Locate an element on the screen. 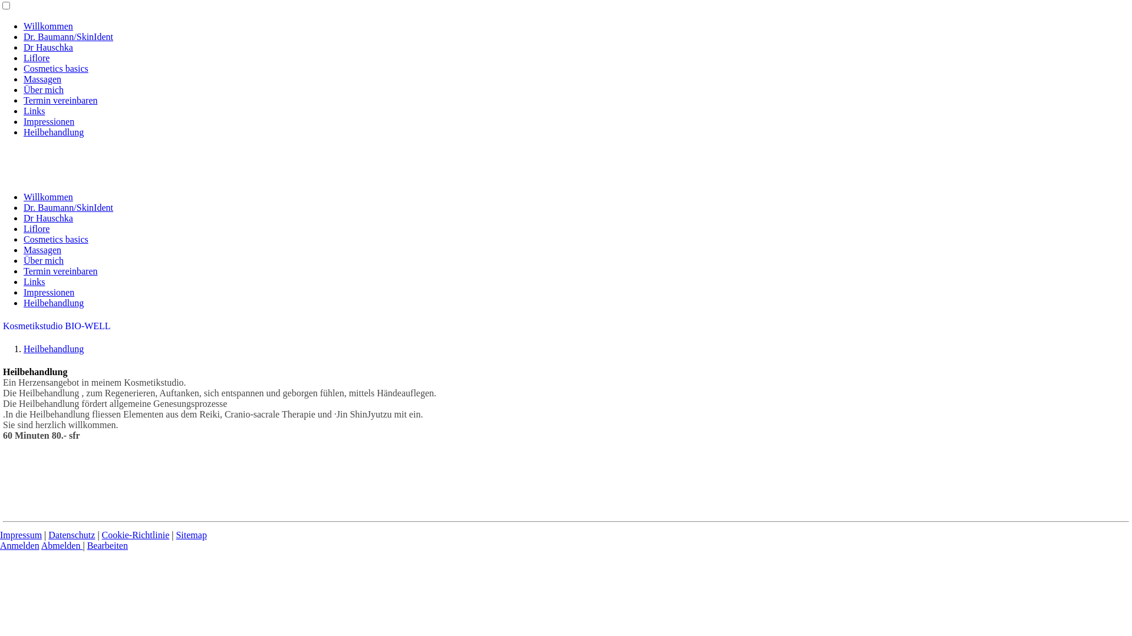  'Abmelden' is located at coordinates (41, 545).